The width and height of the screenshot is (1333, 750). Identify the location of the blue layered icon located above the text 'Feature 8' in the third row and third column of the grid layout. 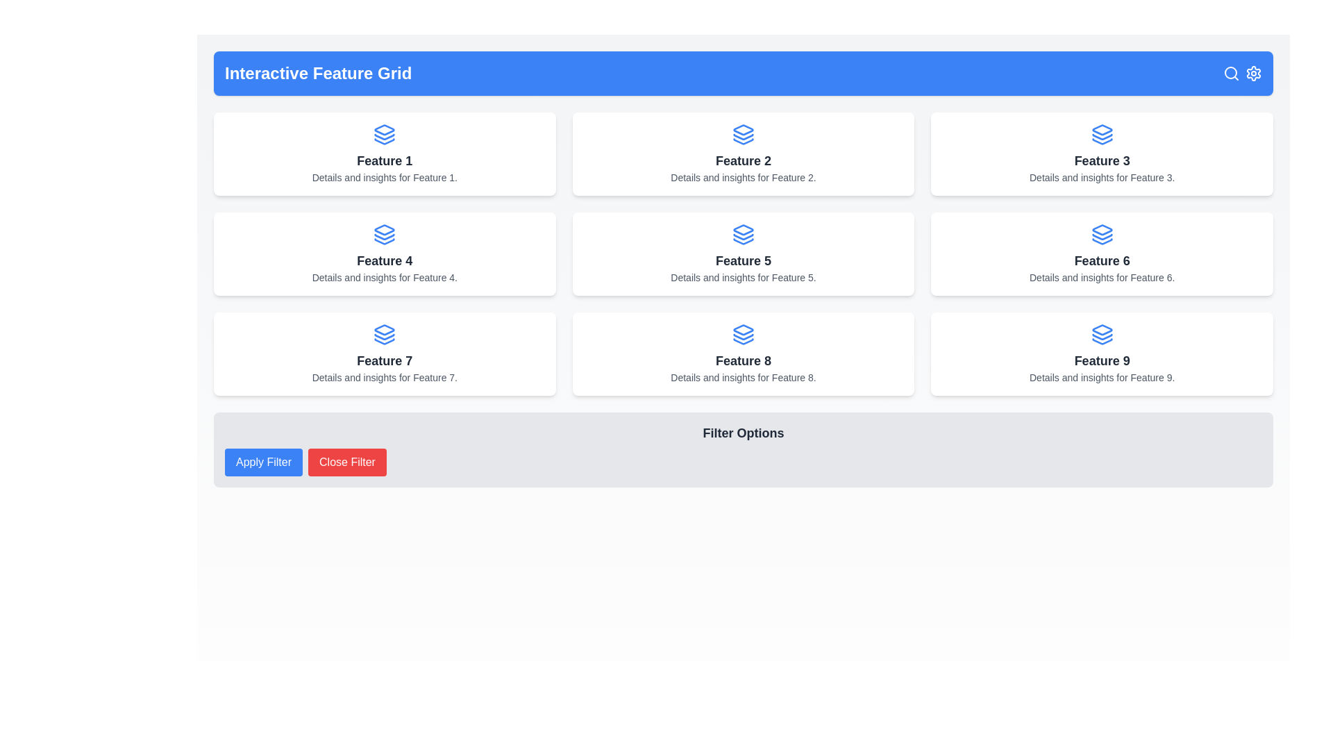
(742, 335).